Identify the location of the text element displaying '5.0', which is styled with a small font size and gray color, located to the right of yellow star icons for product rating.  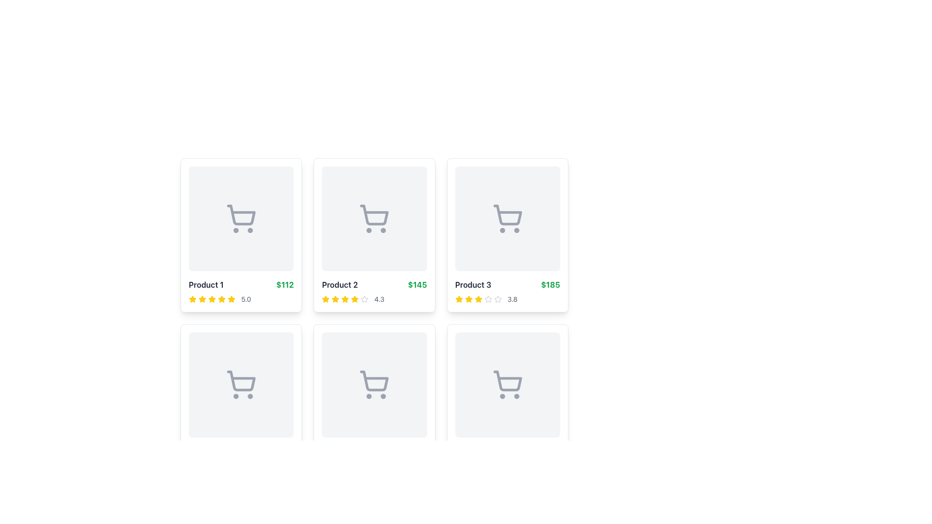
(246, 299).